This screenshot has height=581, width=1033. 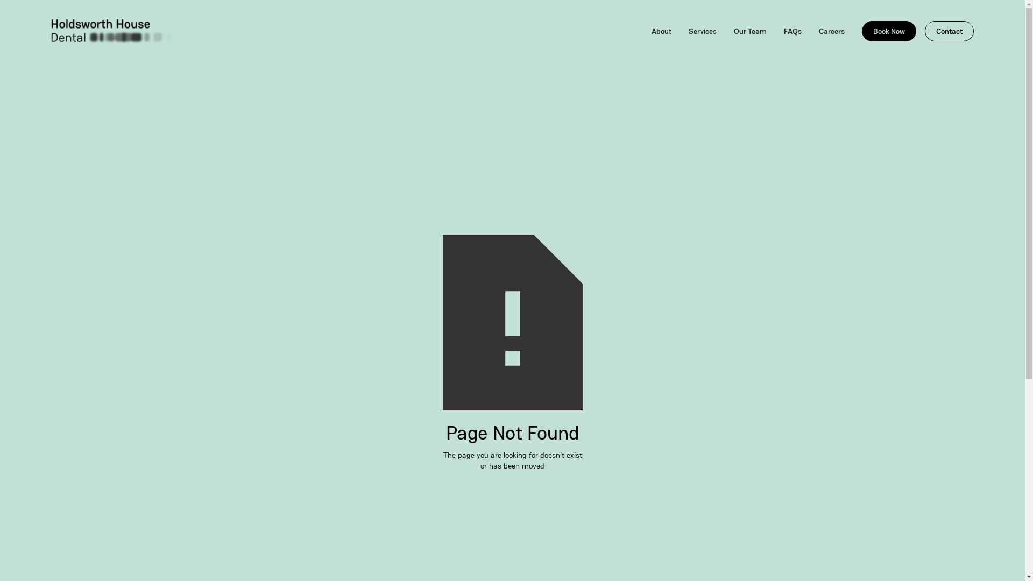 I want to click on 'FAQs', so click(x=793, y=30).